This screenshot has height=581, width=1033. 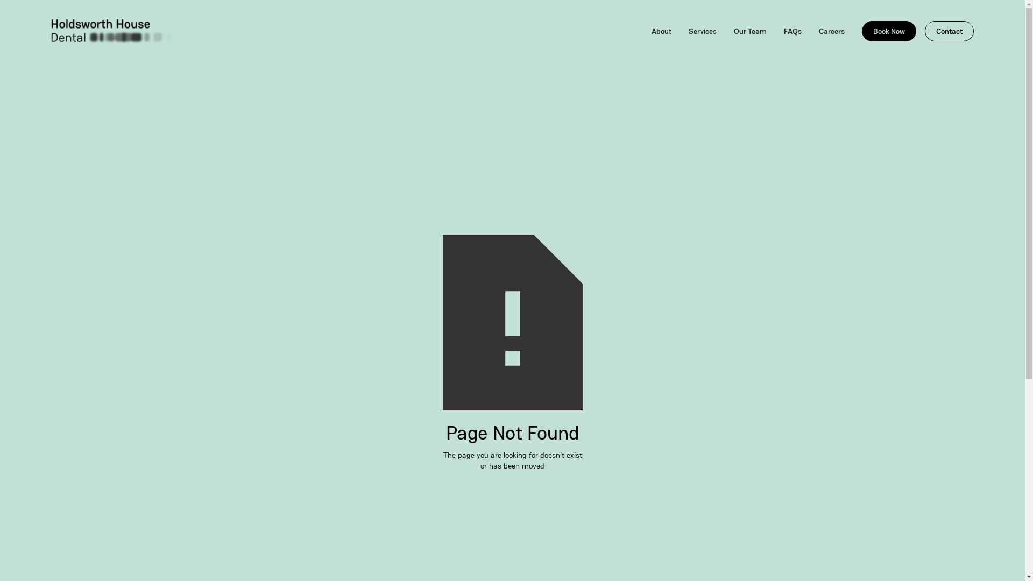 I want to click on 'FAQs', so click(x=793, y=30).